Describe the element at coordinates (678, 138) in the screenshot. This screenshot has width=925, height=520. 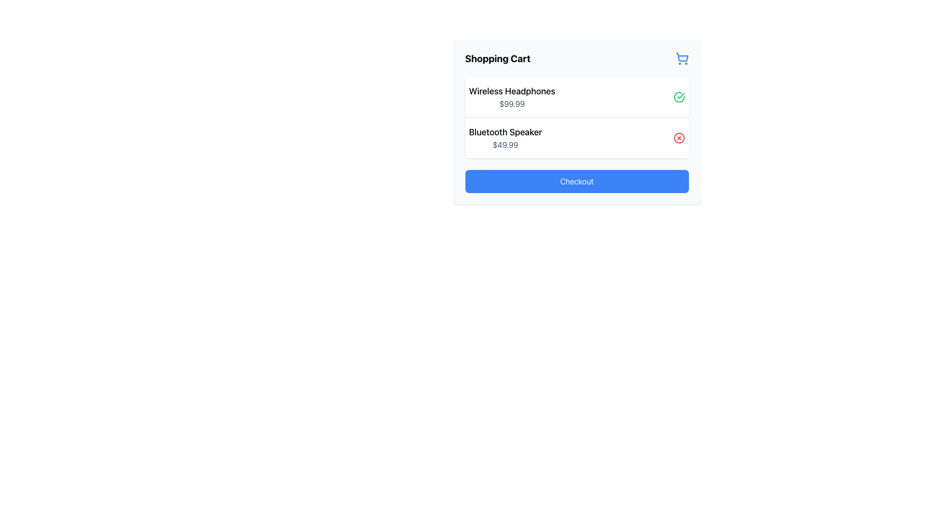
I see `the circular button icon associated with the 'Bluetooth Speaker' item in the shopping cart` at that location.